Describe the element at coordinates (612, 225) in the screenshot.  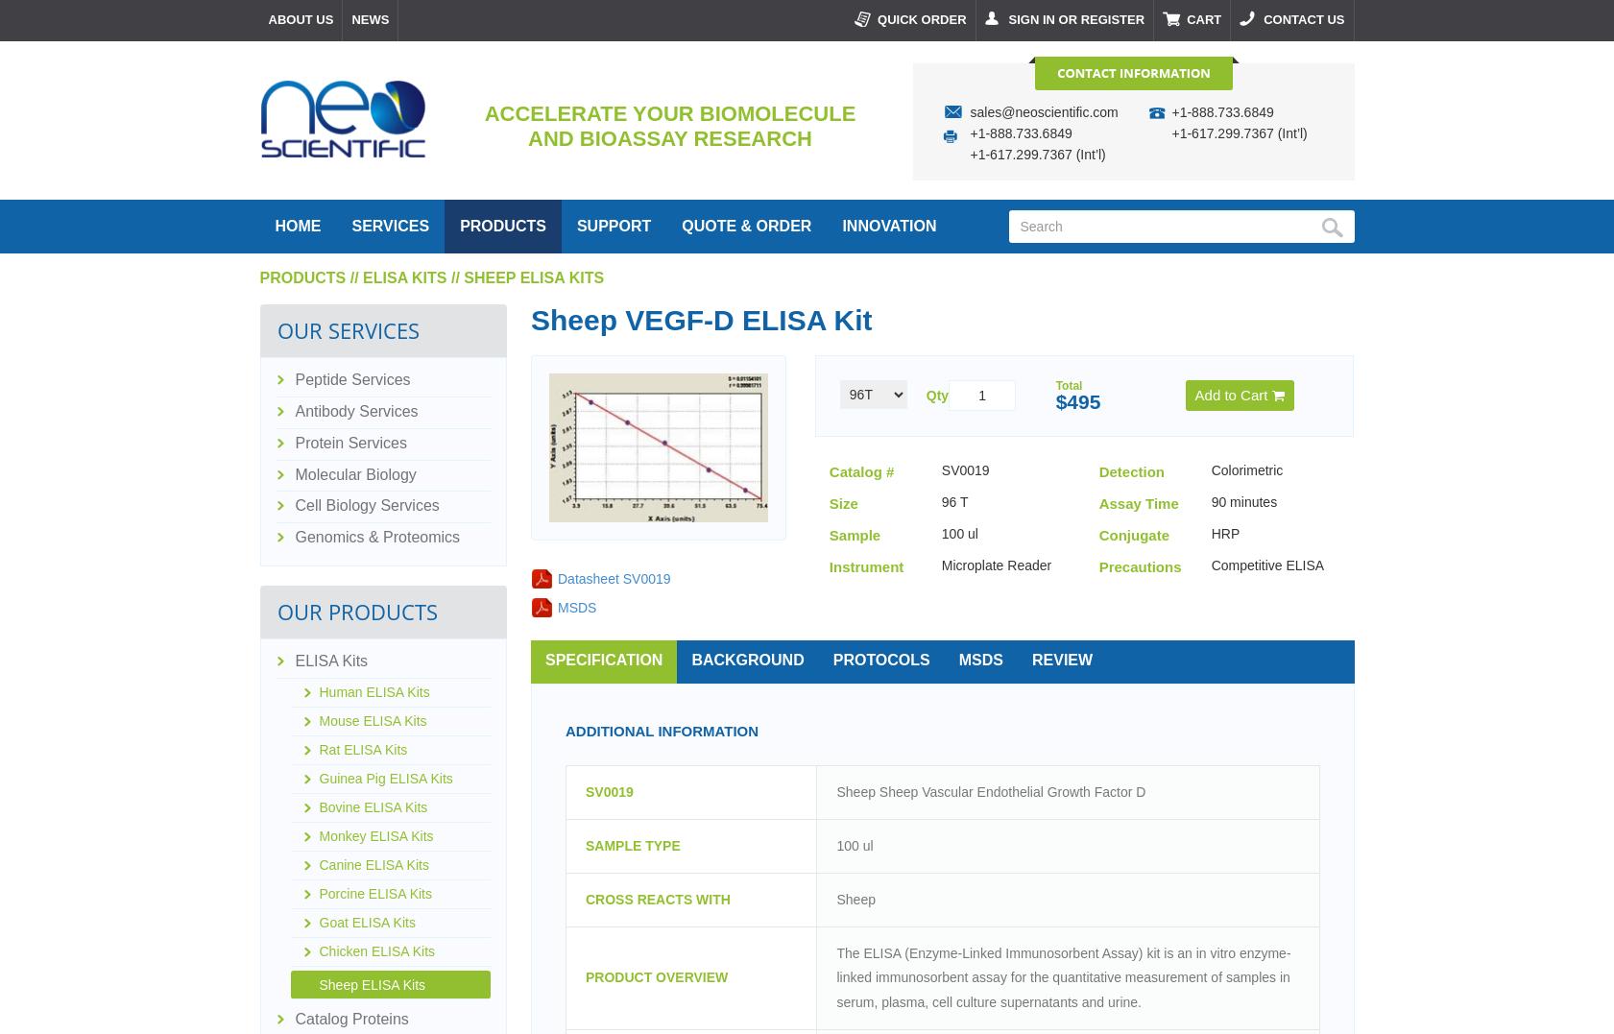
I see `'support'` at that location.